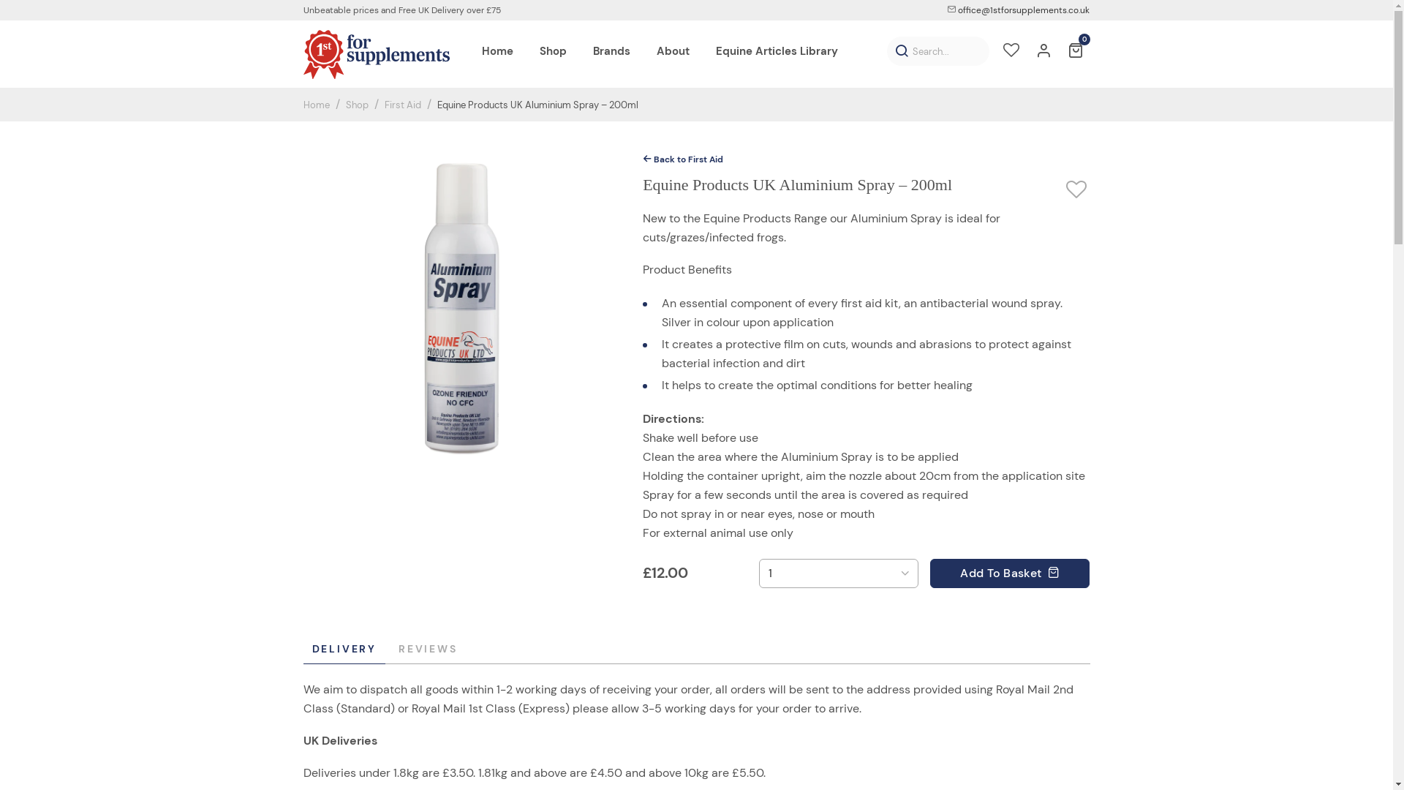  What do you see at coordinates (611, 50) in the screenshot?
I see `'Brands'` at bounding box center [611, 50].